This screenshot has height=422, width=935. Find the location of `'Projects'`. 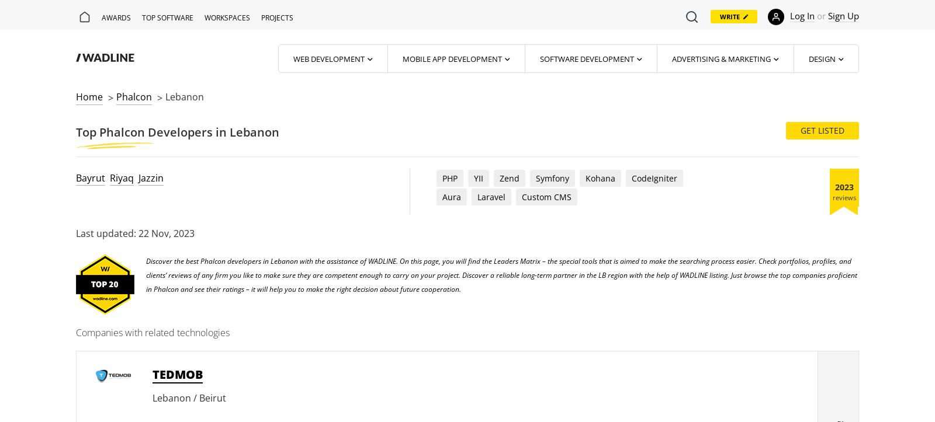

'Projects' is located at coordinates (261, 18).